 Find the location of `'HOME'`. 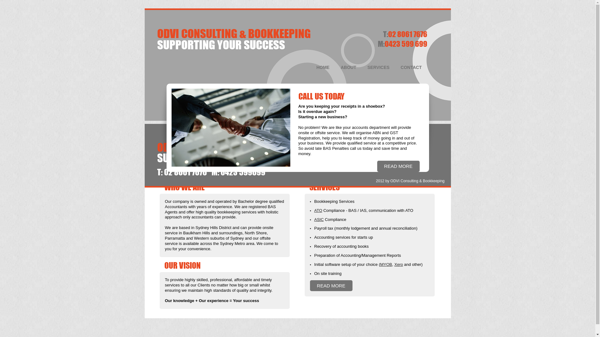

'HOME' is located at coordinates (323, 134).